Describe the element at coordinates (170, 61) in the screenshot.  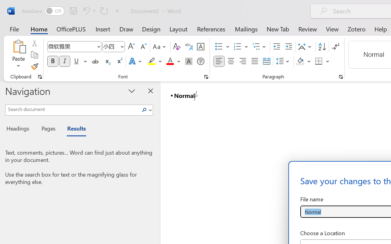
I see `'Font Color Red'` at that location.